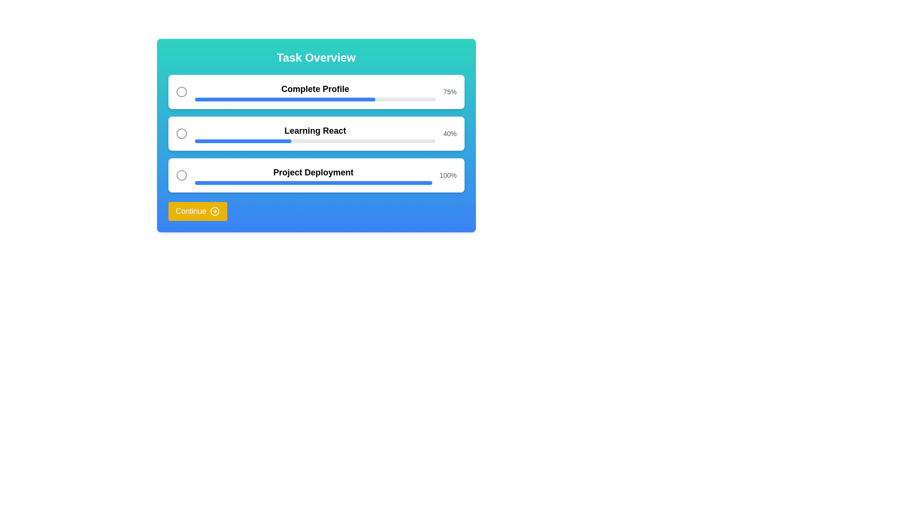 The image size is (911, 512). I want to click on the custom styled radio button icon associated with the 'Project Deployment' task, so click(181, 175).